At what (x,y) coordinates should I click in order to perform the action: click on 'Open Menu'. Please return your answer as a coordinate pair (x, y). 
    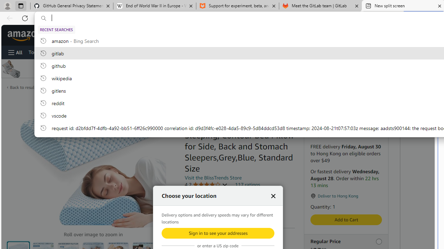
    Looking at the image, I should click on (15, 52).